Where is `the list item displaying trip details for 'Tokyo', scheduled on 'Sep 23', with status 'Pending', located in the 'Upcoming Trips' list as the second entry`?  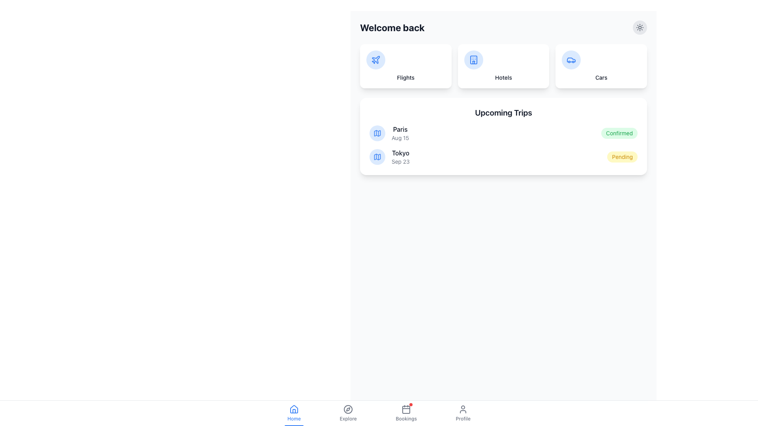
the list item displaying trip details for 'Tokyo', scheduled on 'Sep 23', with status 'Pending', located in the 'Upcoming Trips' list as the second entry is located at coordinates (503, 157).